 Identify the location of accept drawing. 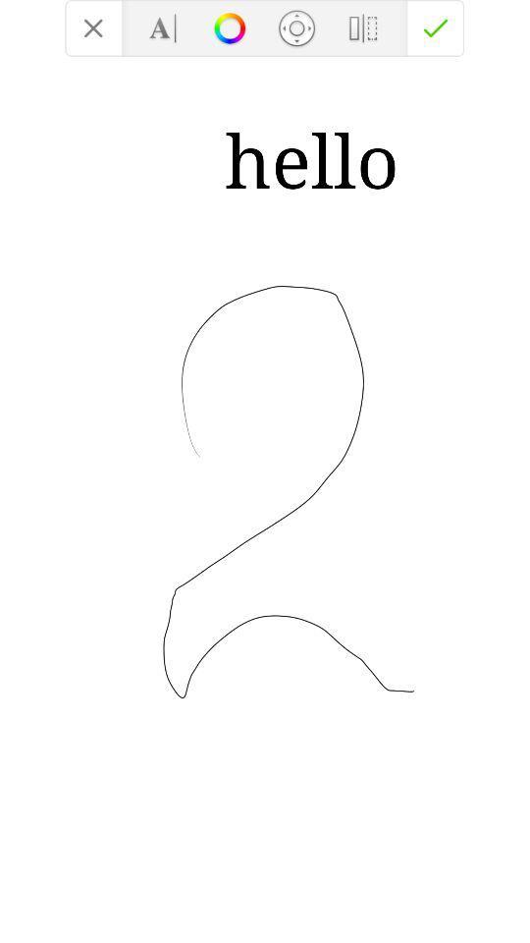
(436, 27).